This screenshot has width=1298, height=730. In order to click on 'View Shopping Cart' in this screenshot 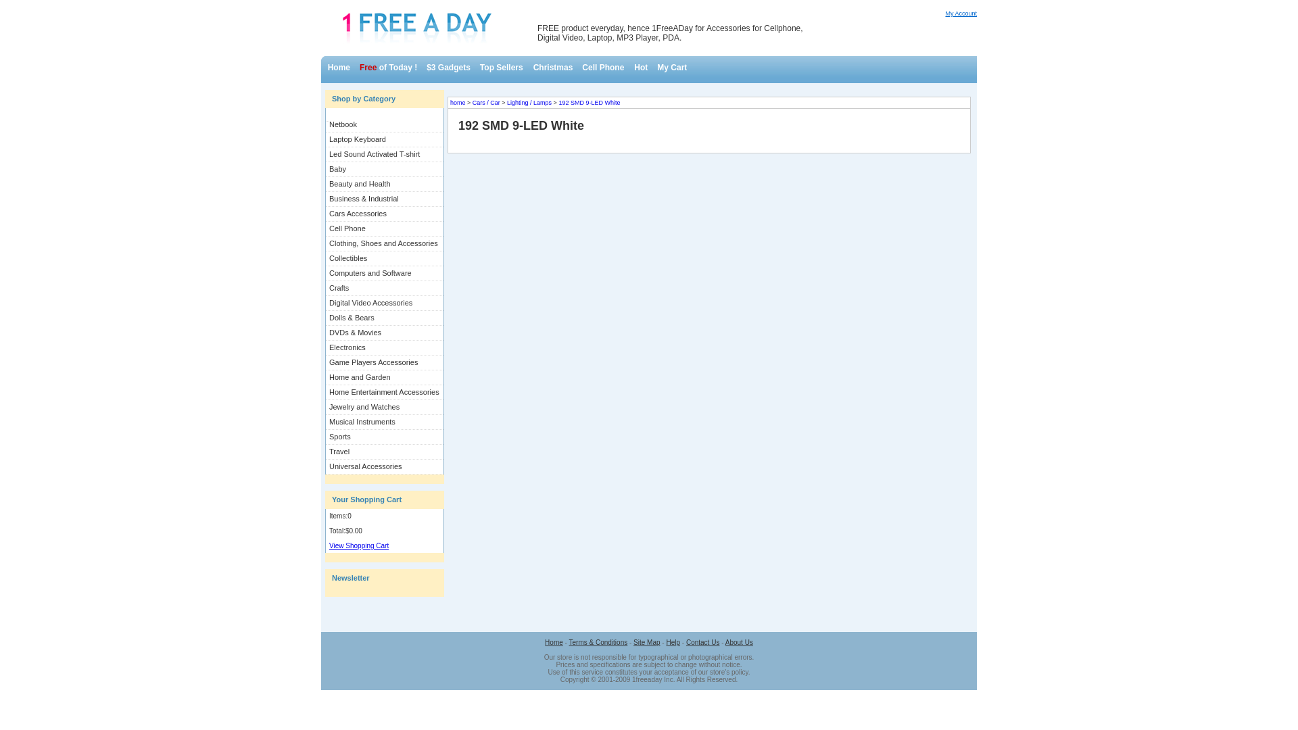, I will do `click(359, 545)`.